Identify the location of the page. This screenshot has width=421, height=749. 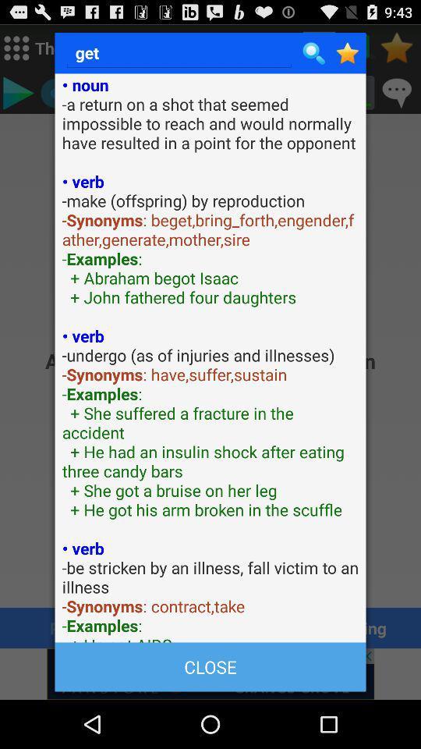
(348, 53).